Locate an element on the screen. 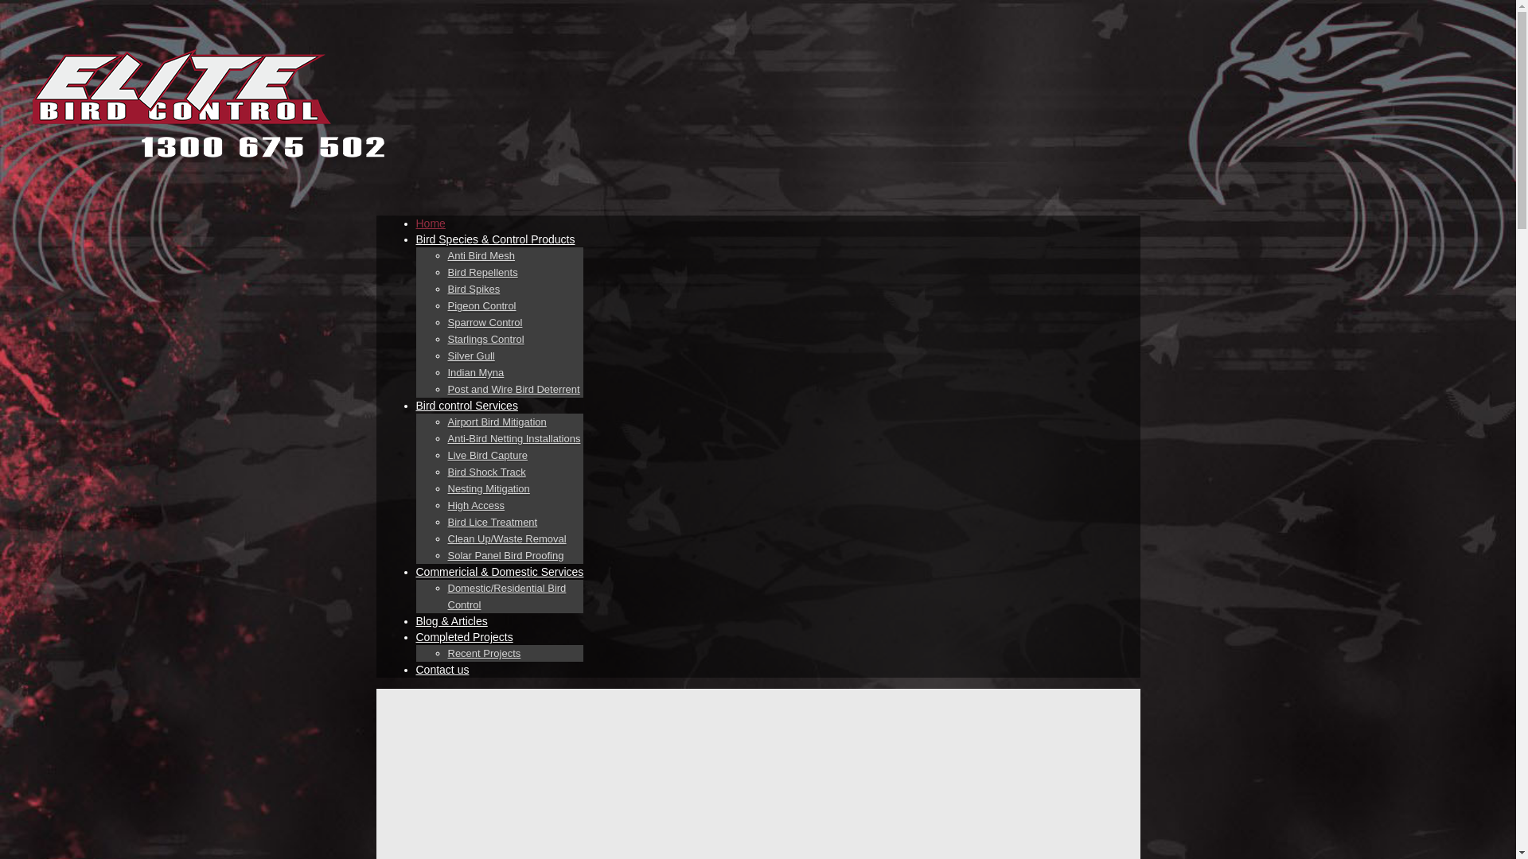 The image size is (1528, 859). 'Post and Wire Bird Deterrent' is located at coordinates (513, 389).